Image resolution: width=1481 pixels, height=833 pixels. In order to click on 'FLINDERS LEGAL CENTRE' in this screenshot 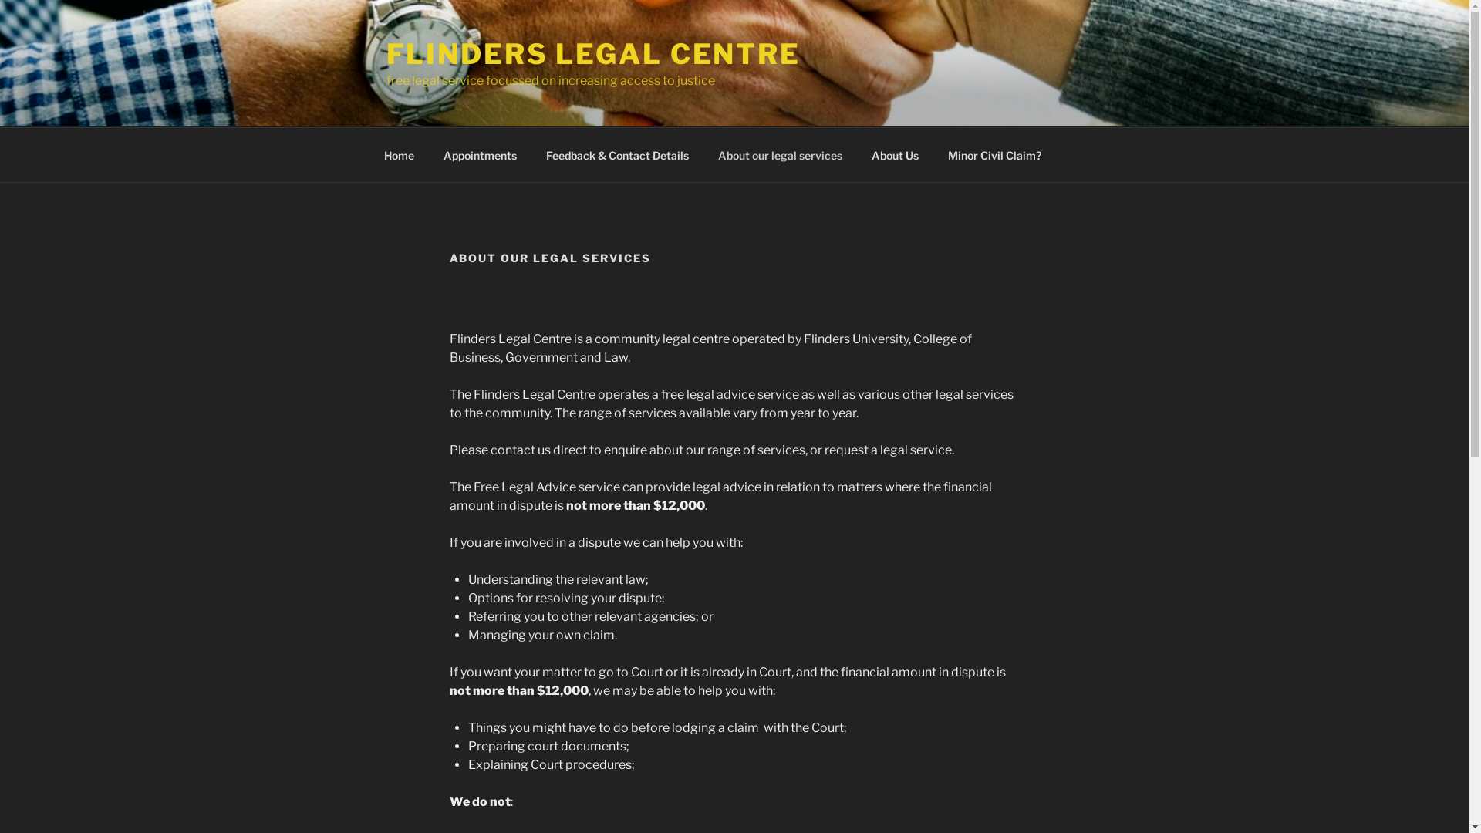, I will do `click(592, 52)`.